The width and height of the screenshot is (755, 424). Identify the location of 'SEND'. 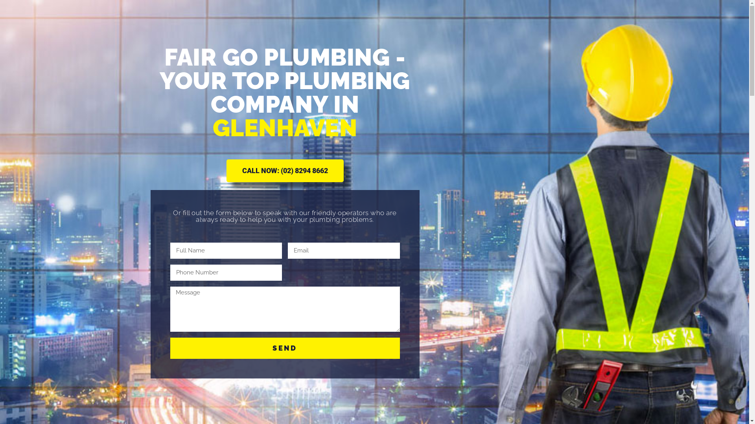
(284, 348).